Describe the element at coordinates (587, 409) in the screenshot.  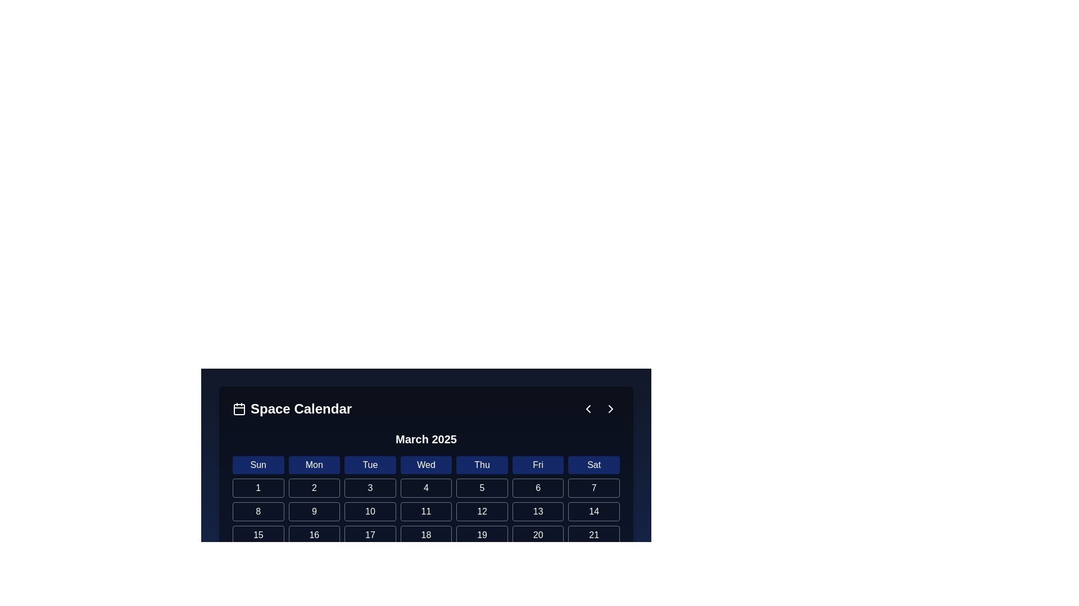
I see `the left-pointing chevron icon within the interactive button located at the top-right corner of the calendar header panel` at that location.